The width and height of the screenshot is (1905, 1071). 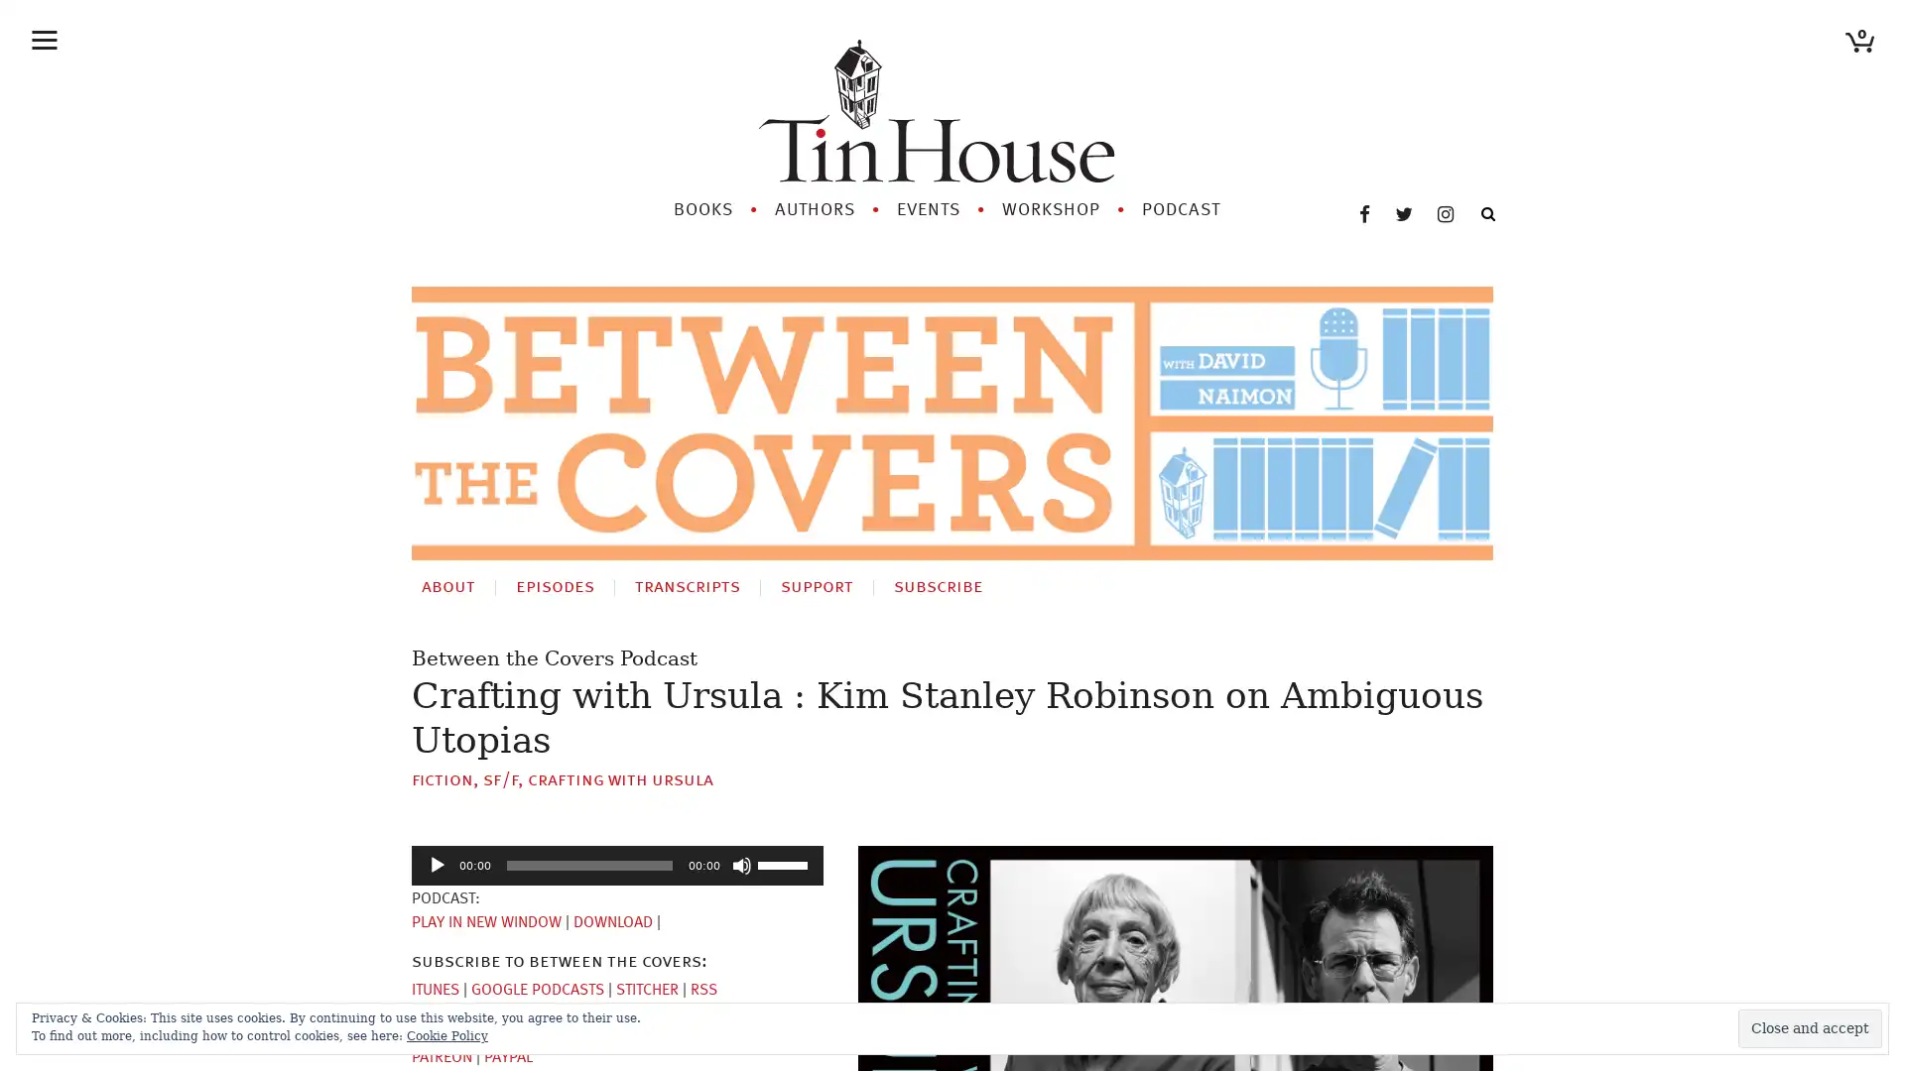 I want to click on Close and accept, so click(x=1810, y=1027).